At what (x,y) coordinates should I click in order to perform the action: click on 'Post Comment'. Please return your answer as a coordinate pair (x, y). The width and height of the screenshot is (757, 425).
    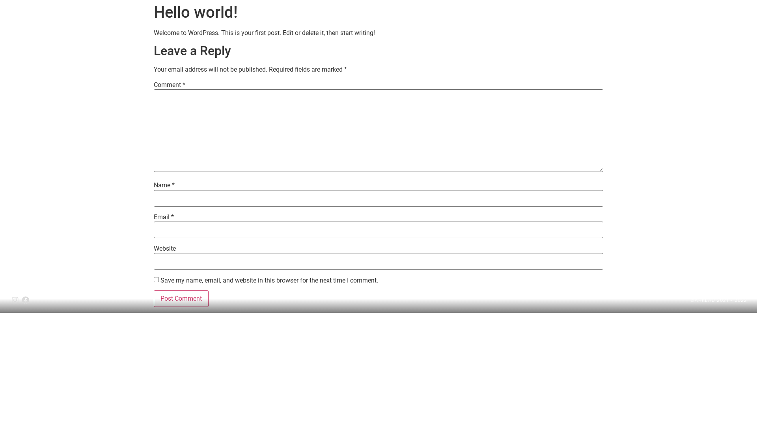
    Looking at the image, I should click on (153, 299).